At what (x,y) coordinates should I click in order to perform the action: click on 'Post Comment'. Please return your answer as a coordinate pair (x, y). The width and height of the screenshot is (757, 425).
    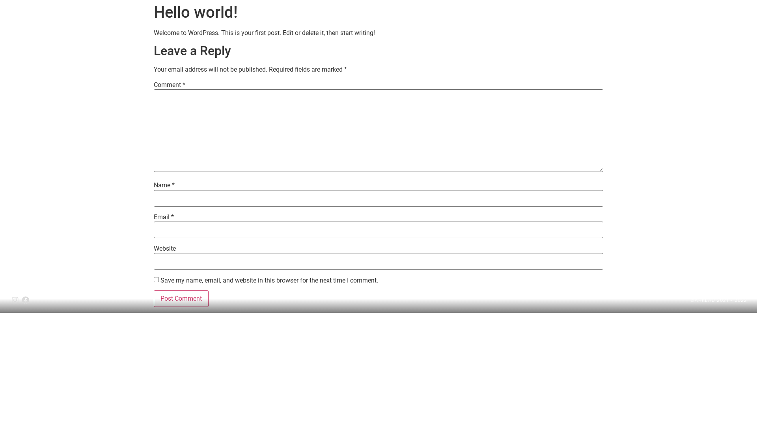
    Looking at the image, I should click on (153, 299).